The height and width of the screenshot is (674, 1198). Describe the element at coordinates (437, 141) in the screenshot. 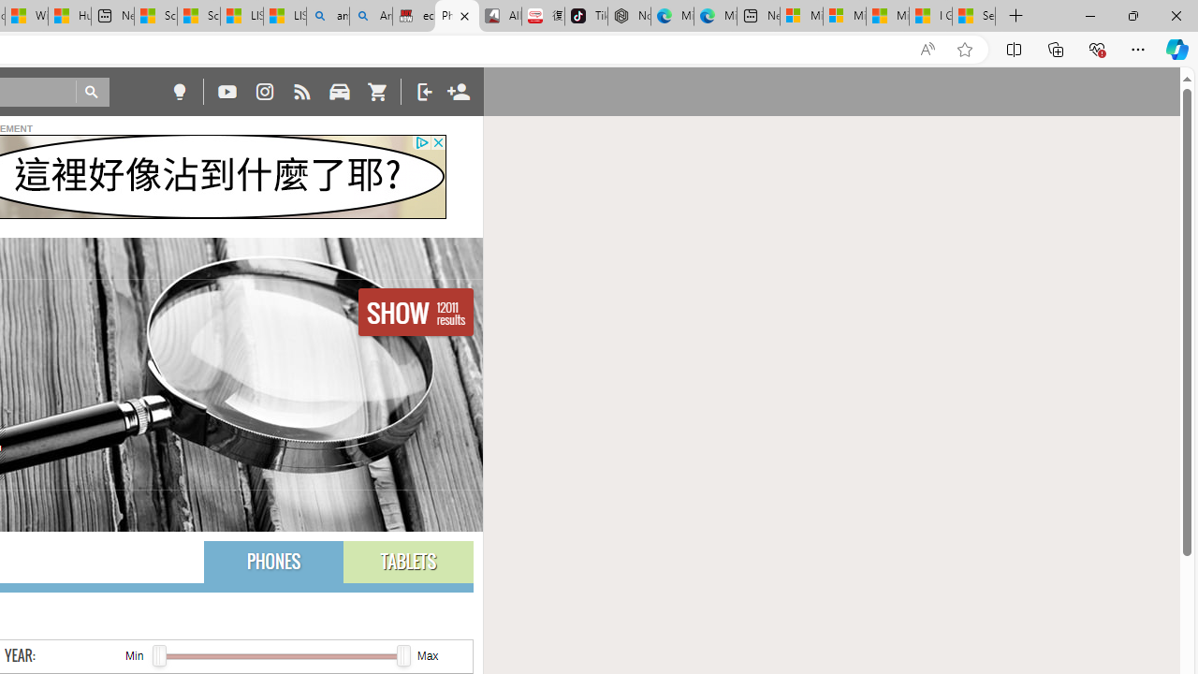

I see `'AutomationID: close_button_svg'` at that location.